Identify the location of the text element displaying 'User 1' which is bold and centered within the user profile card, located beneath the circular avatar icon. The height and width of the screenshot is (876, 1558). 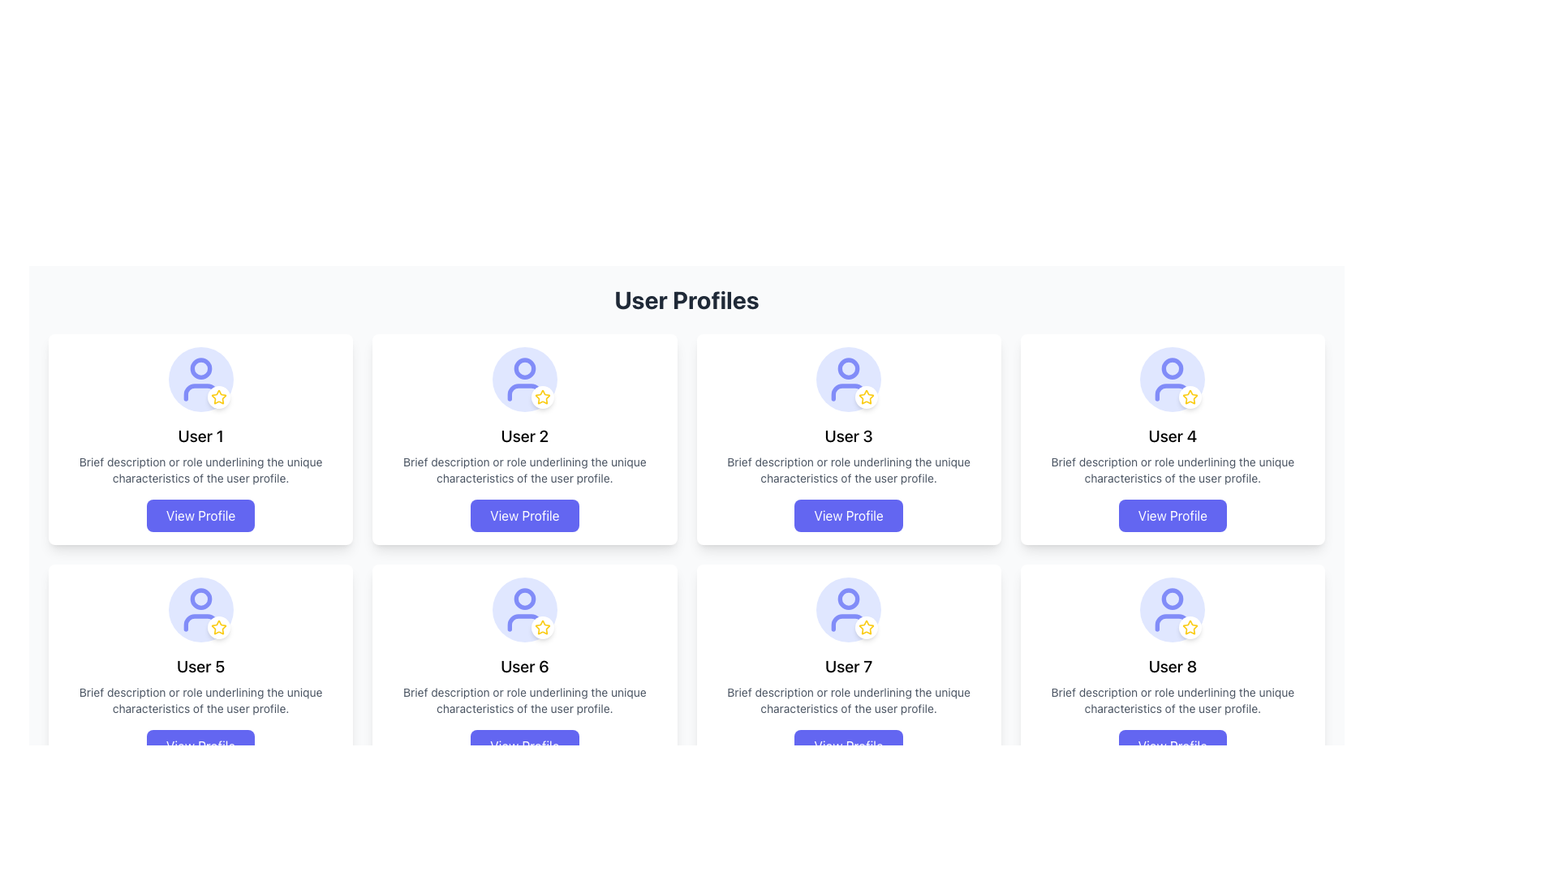
(200, 435).